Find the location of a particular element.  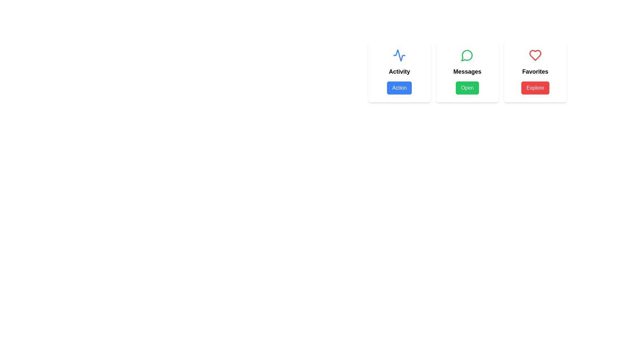

the green vector graphic component of the speech bubble icon within the SVG, located in the middle of the 'Activity', 'Messages', and 'Favorites' cards is located at coordinates (467, 55).